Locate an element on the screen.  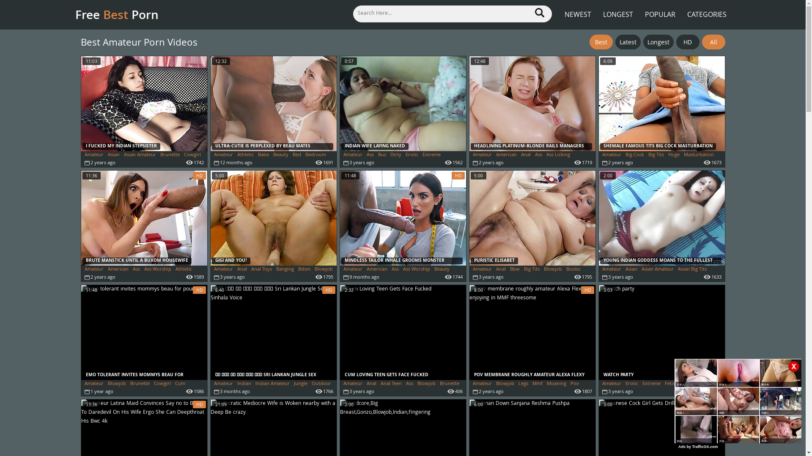
'Ass Worship' is located at coordinates (402, 269).